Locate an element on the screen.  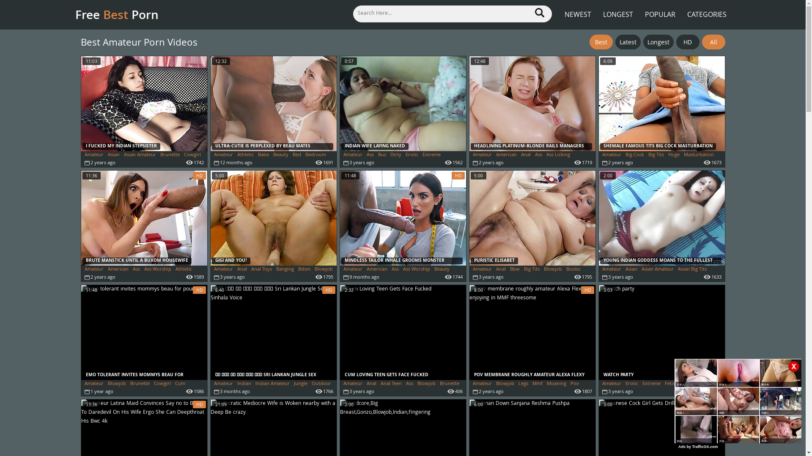
'Ass Worship' is located at coordinates (402, 269).